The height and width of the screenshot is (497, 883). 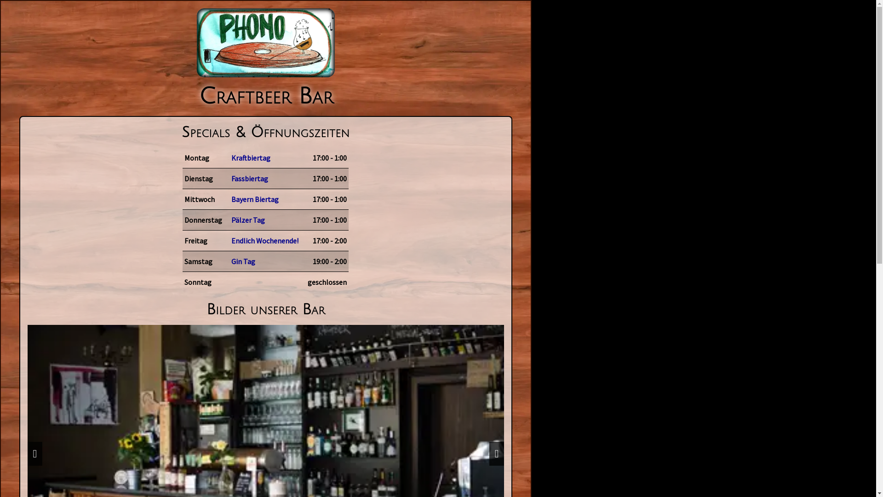 What do you see at coordinates (264, 261) in the screenshot?
I see `'Gin Tag'` at bounding box center [264, 261].